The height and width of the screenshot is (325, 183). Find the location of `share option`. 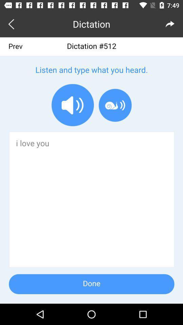

share option is located at coordinates (170, 24).